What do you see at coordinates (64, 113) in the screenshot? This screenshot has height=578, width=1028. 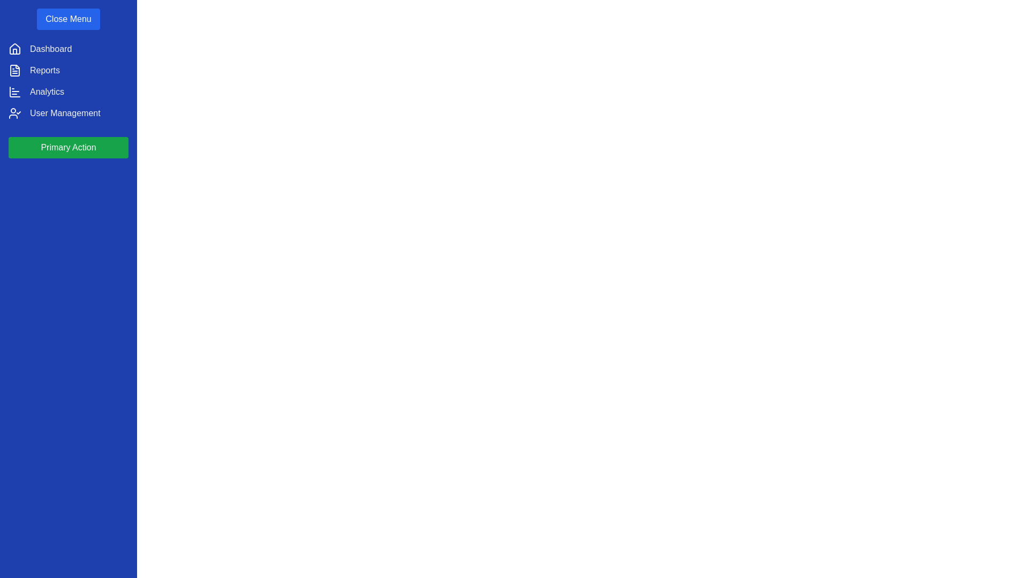 I see `the navigation item User Management from the list` at bounding box center [64, 113].